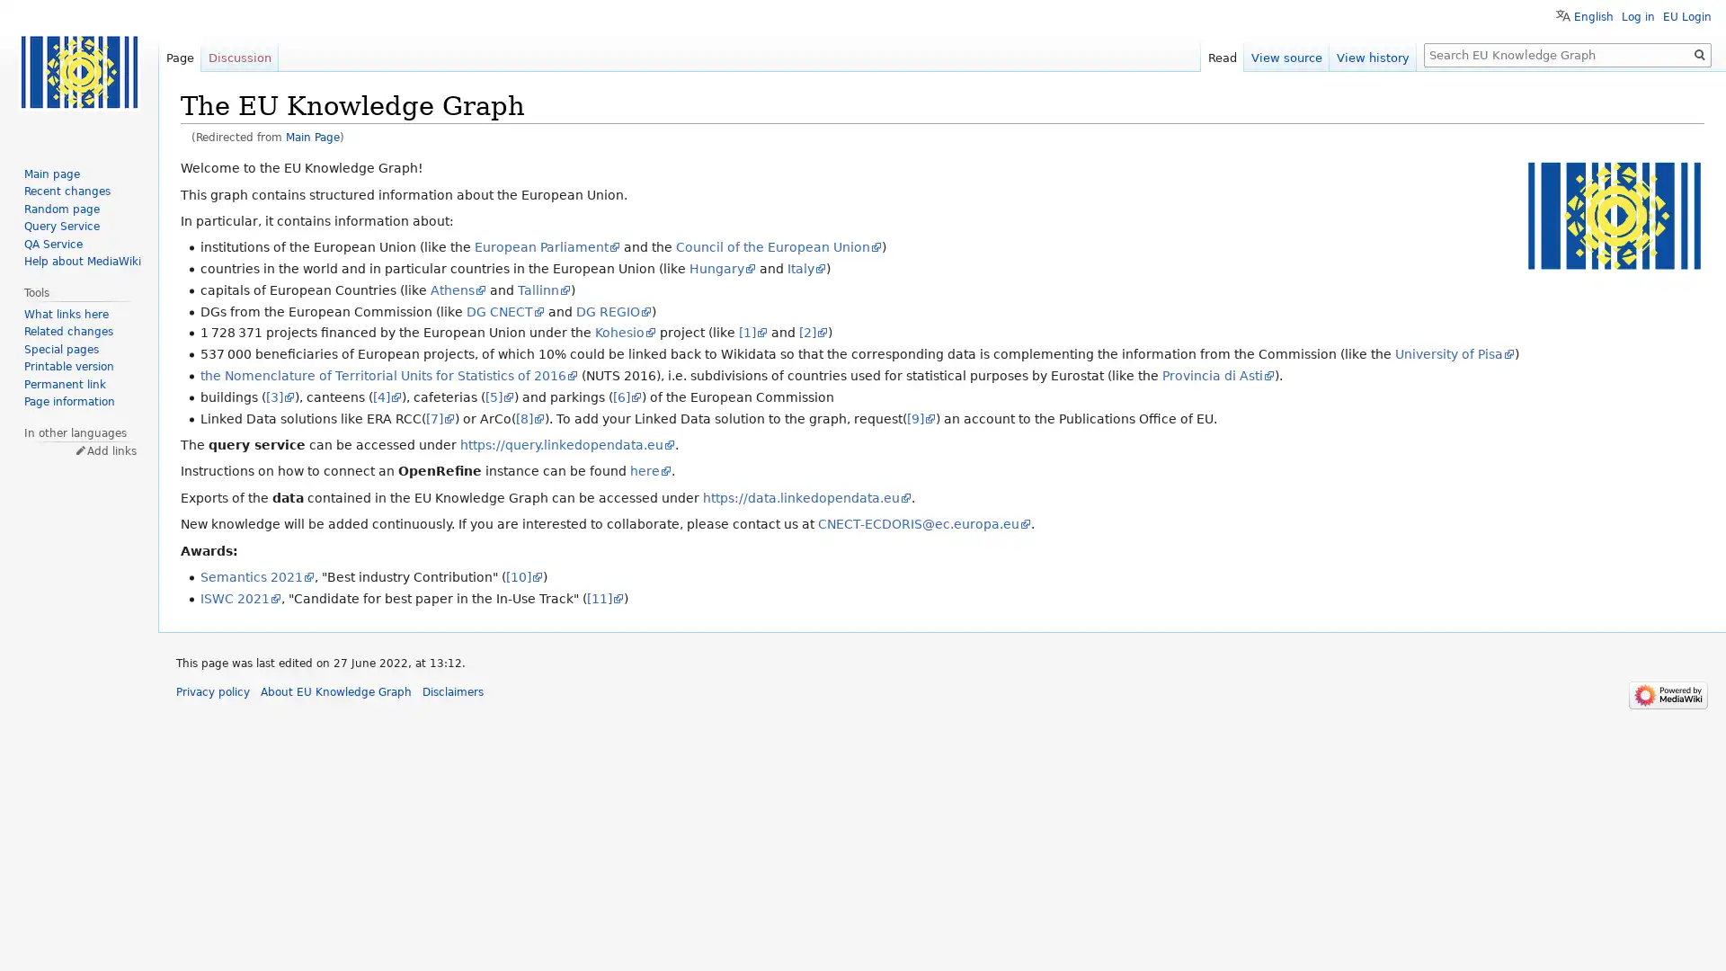  What do you see at coordinates (1699, 54) in the screenshot?
I see `Search` at bounding box center [1699, 54].